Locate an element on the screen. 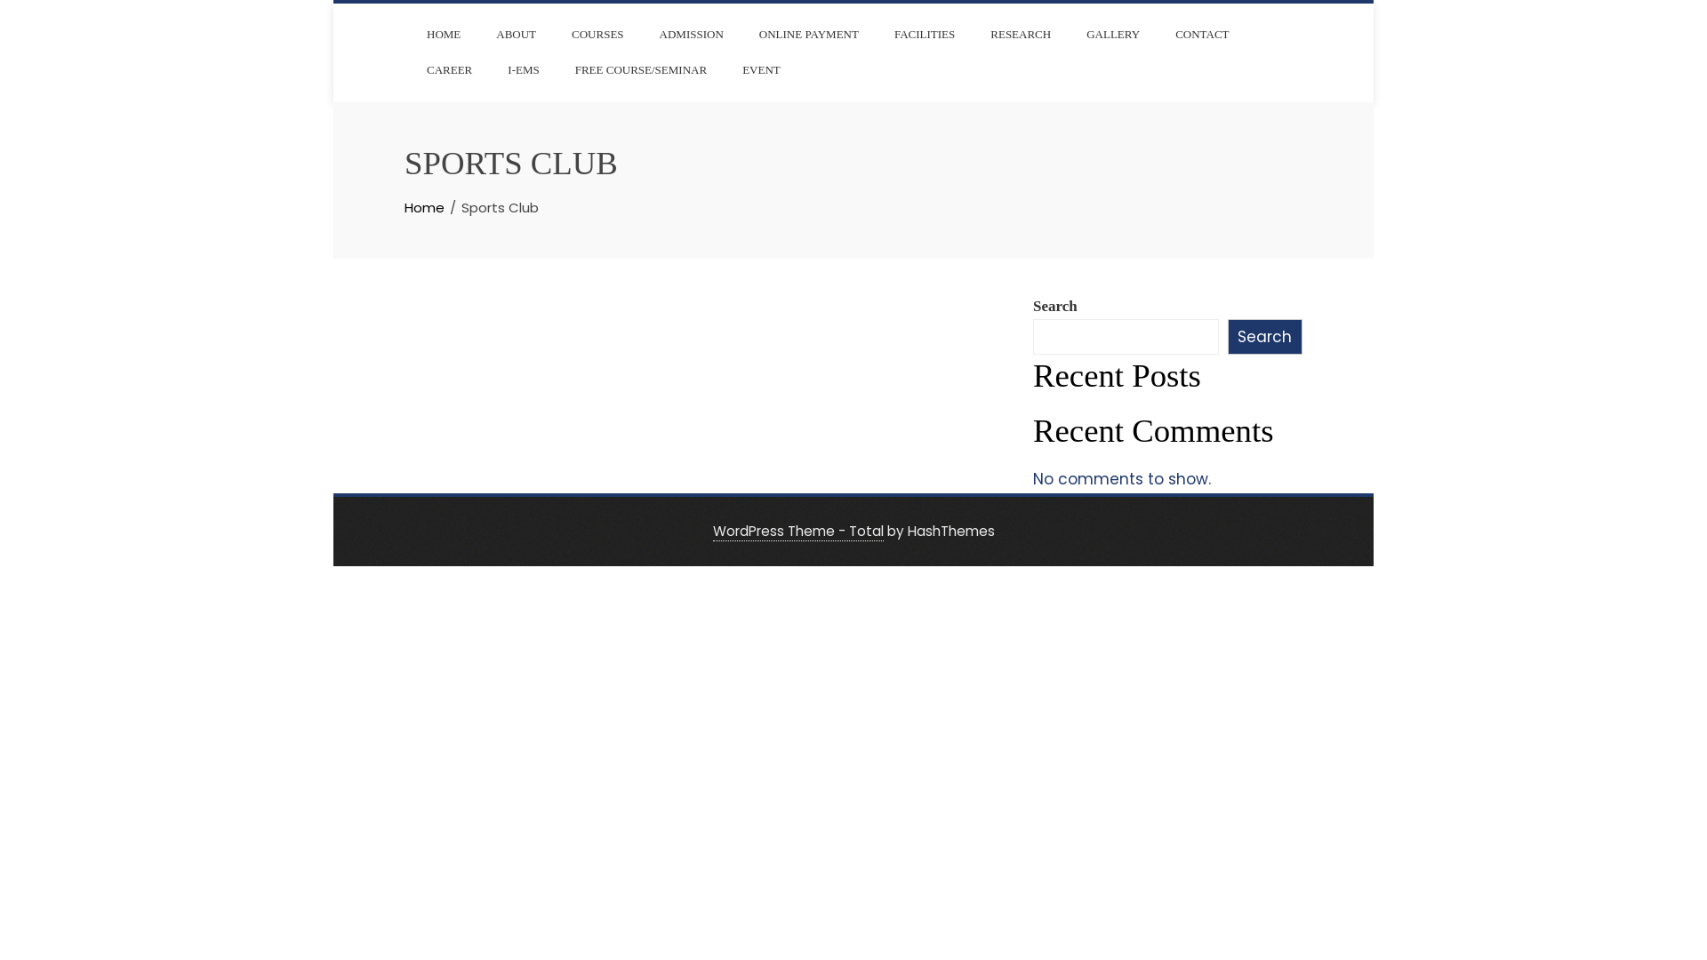  'ONLINE PAYMENT' is located at coordinates (808, 34).